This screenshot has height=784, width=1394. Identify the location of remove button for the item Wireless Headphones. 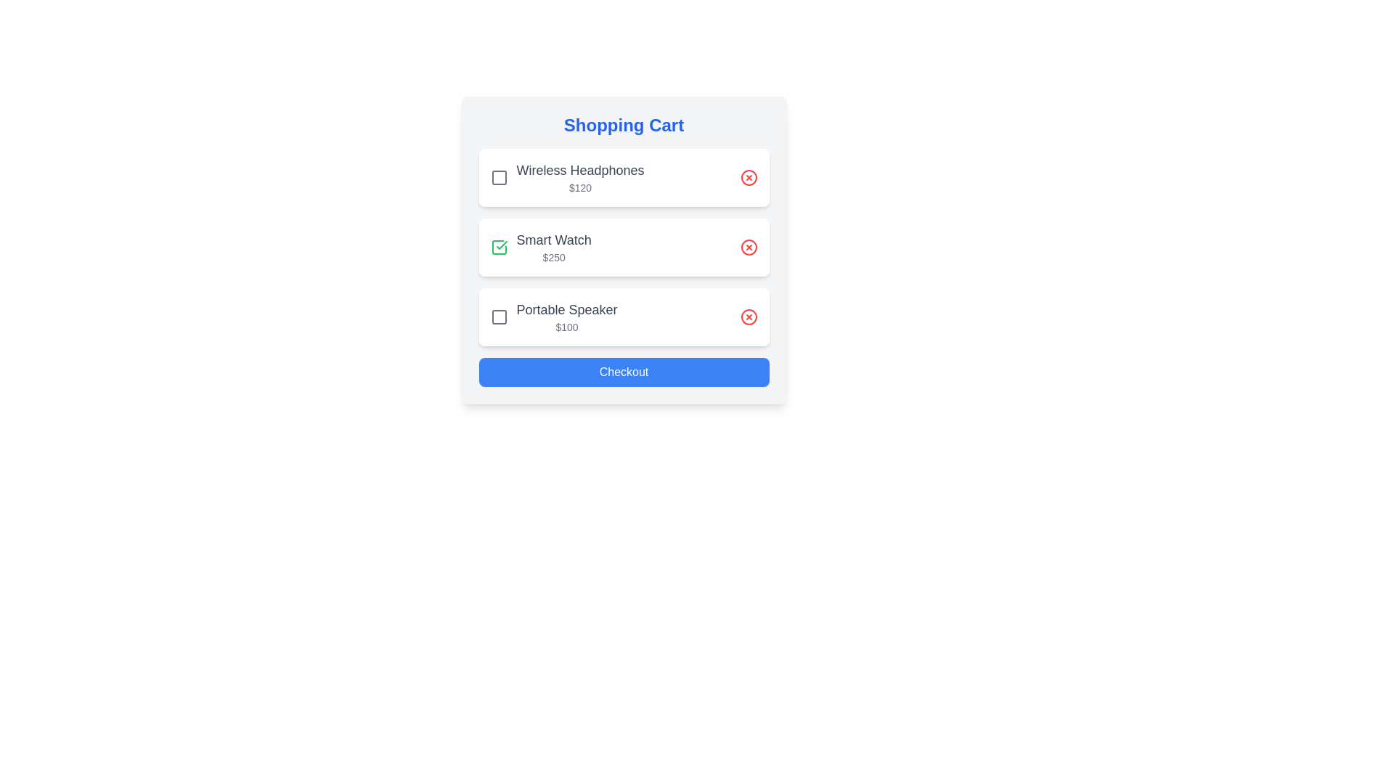
(749, 177).